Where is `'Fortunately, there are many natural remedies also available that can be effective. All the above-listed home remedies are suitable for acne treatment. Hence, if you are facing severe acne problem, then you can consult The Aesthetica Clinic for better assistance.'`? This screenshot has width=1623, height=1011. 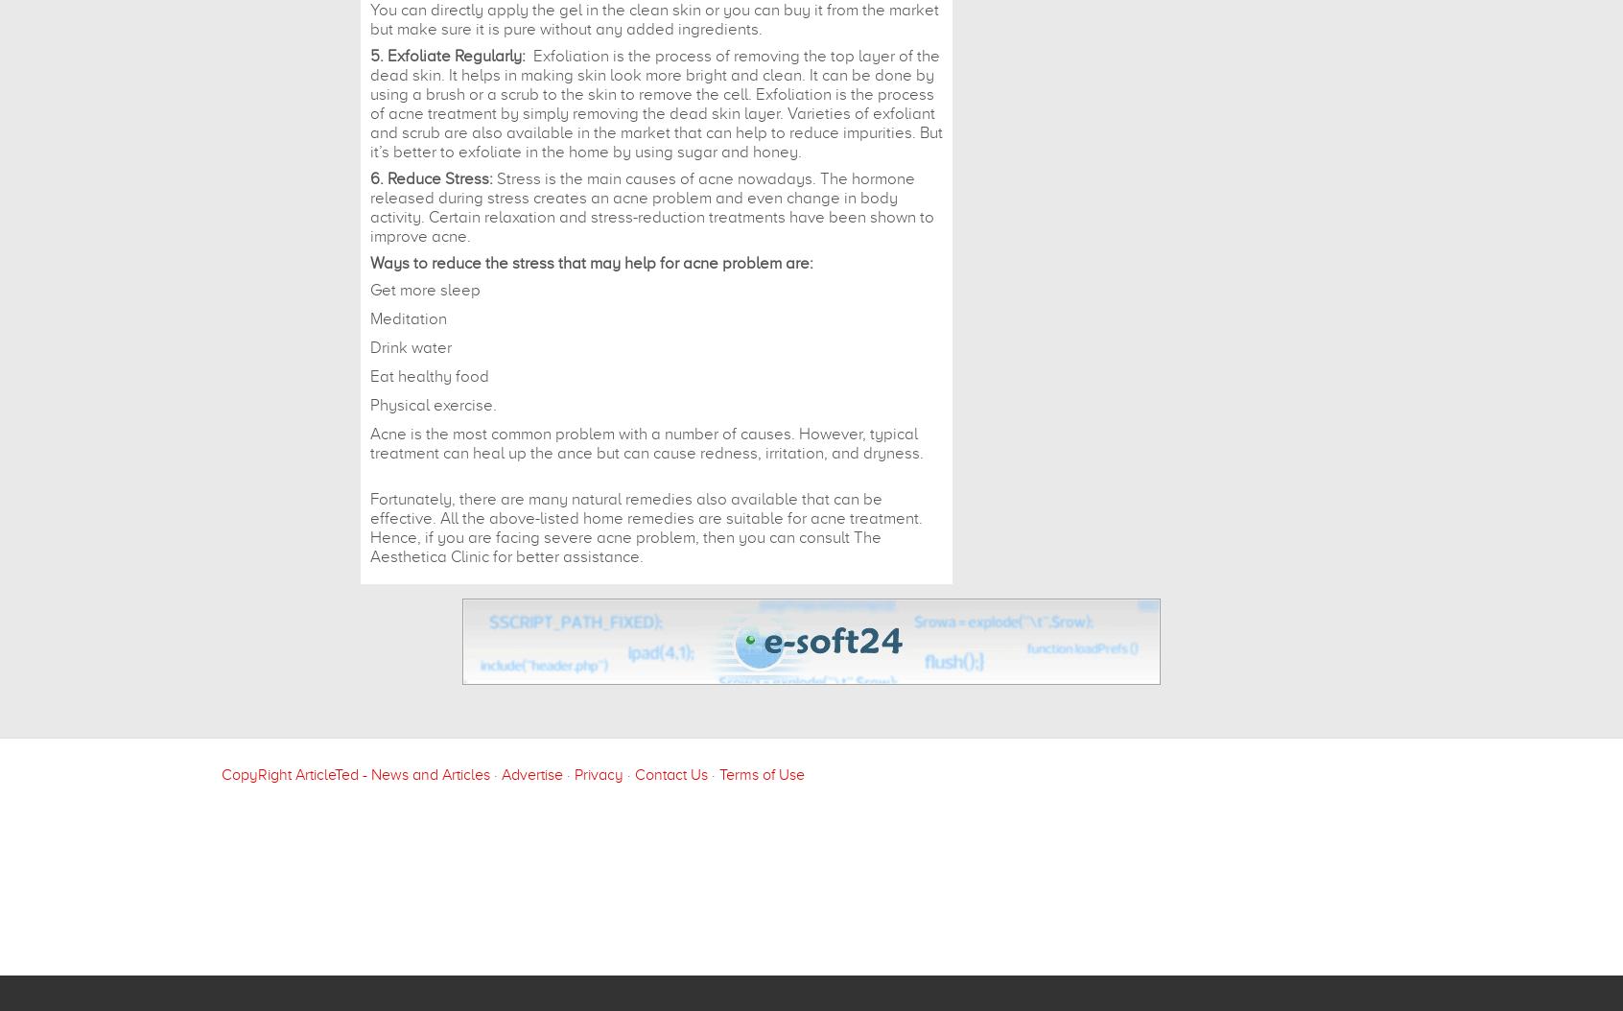
'Fortunately, there are many natural remedies also available that can be effective. All the above-listed home remedies are suitable for acne treatment. Hence, if you are facing severe acne problem, then you can consult The Aesthetica Clinic for better assistance.' is located at coordinates (646, 528).